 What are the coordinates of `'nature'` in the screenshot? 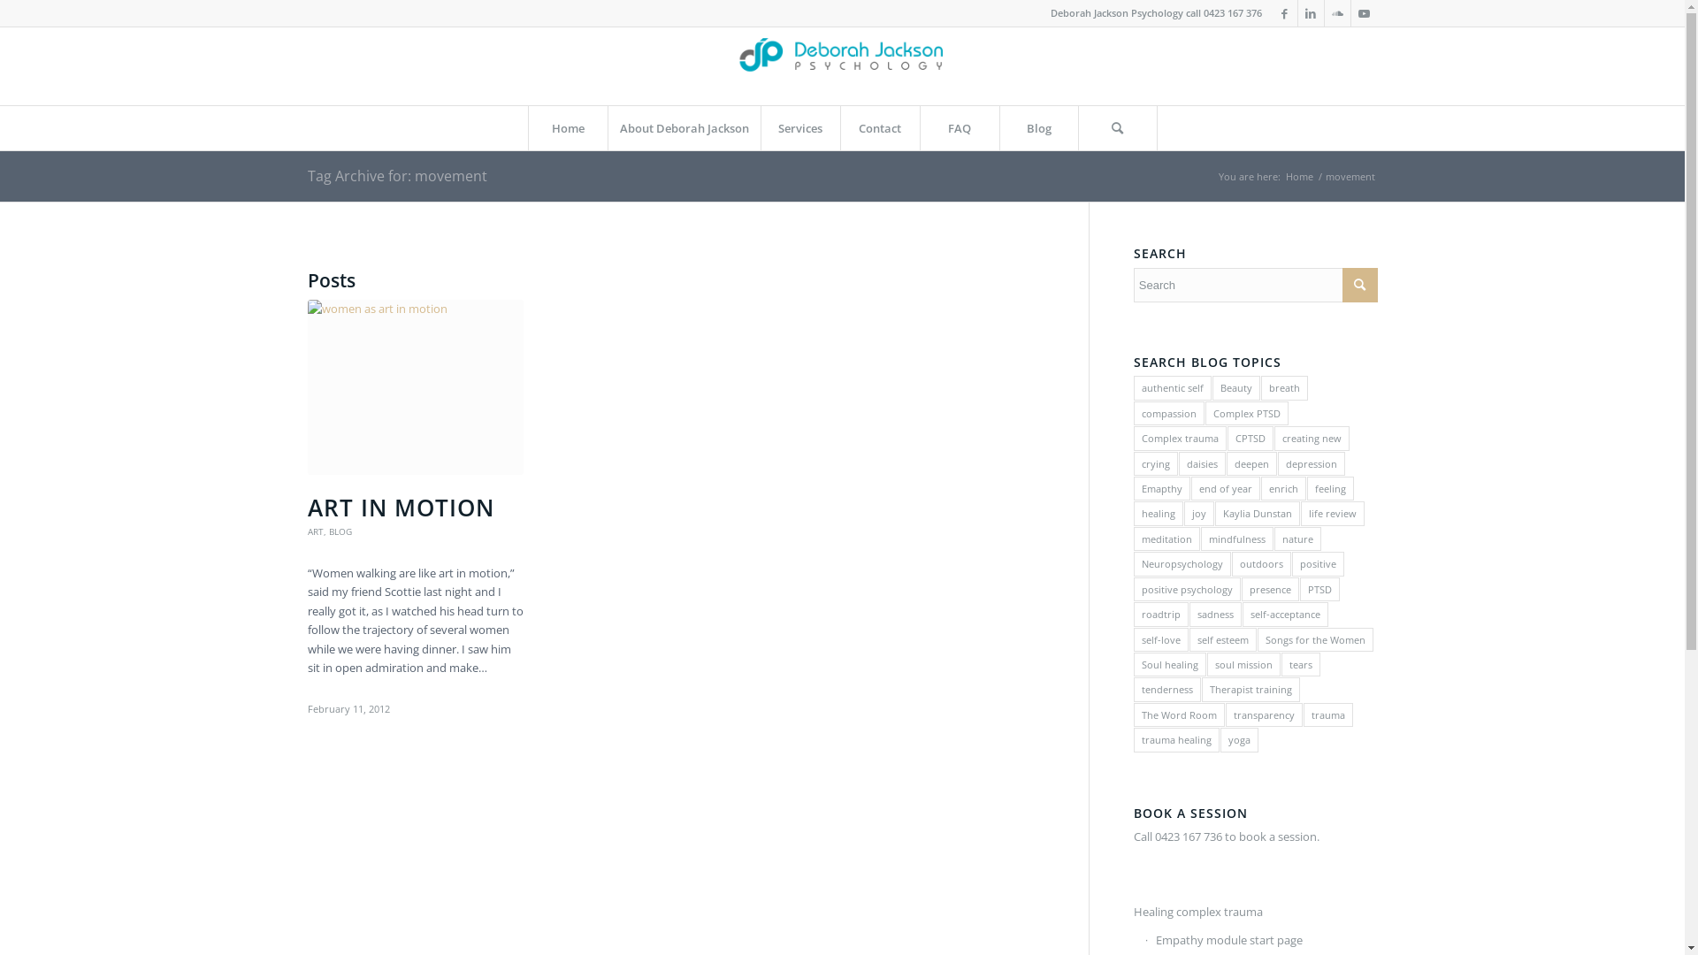 It's located at (1297, 538).